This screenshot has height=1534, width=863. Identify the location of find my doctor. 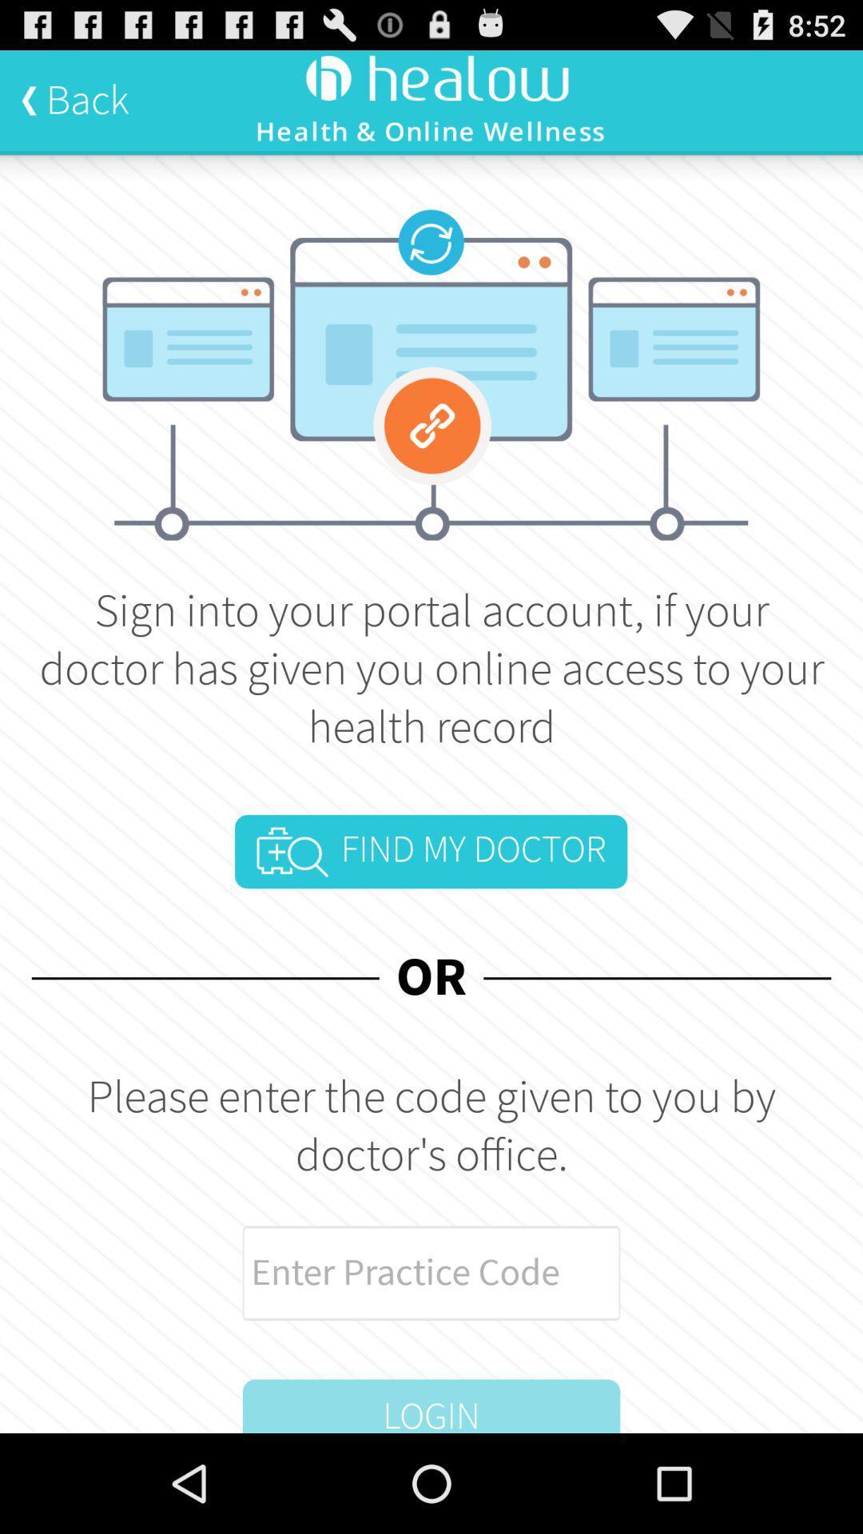
(430, 851).